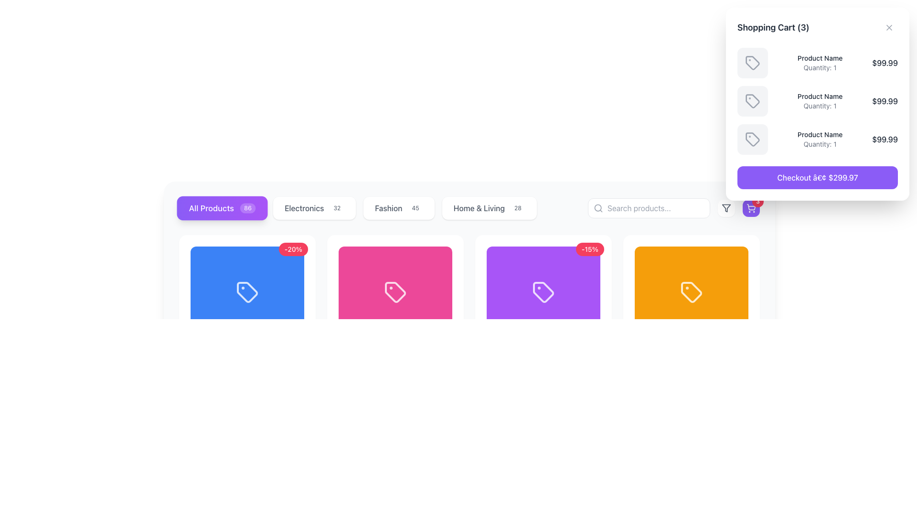  What do you see at coordinates (817, 177) in the screenshot?
I see `the prominently styled button with a purple background and white text reading 'Checkout â€¢ $299.97'` at bounding box center [817, 177].